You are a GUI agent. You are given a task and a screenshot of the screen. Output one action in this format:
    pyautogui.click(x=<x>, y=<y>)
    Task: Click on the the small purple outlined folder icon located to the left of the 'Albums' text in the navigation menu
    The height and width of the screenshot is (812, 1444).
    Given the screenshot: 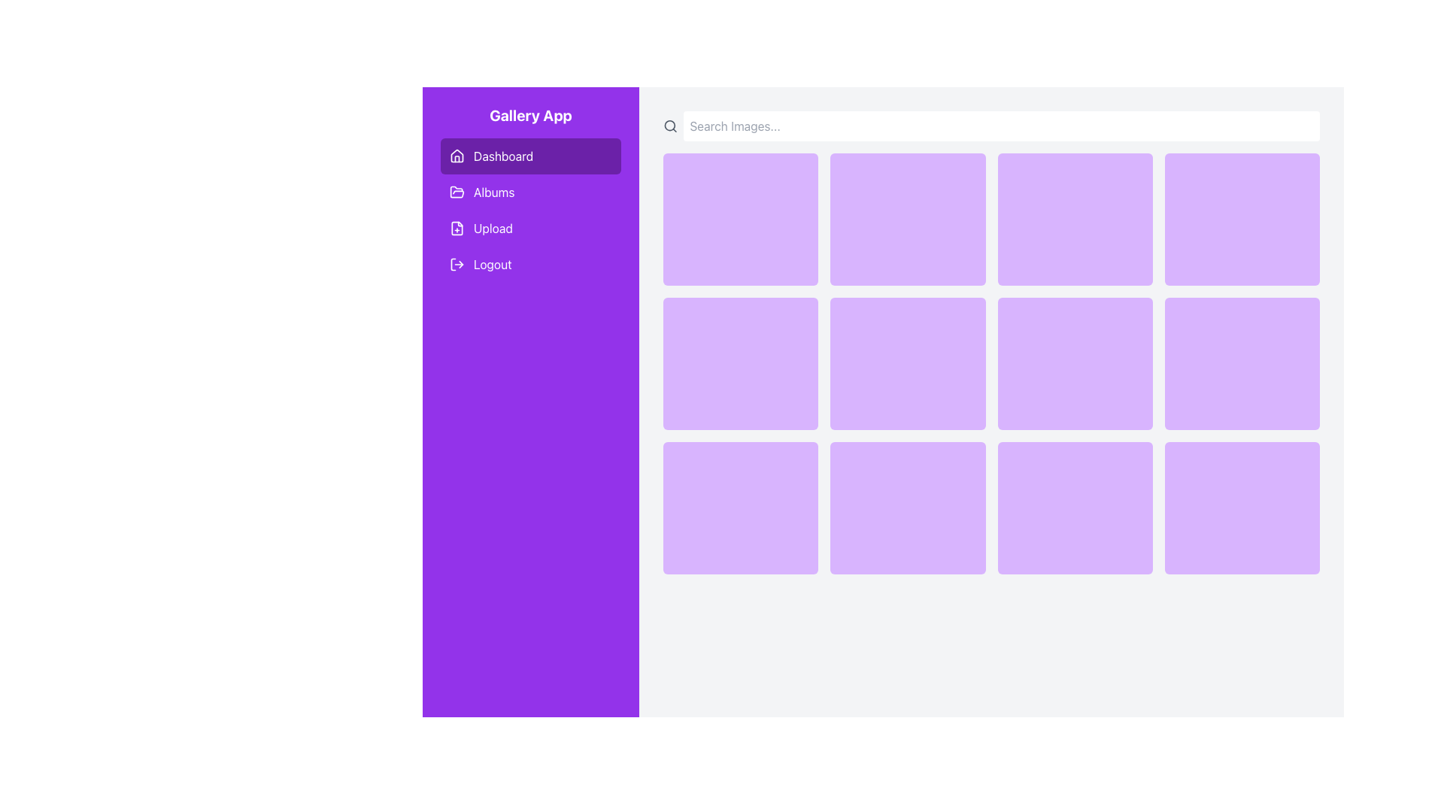 What is the action you would take?
    pyautogui.click(x=457, y=191)
    